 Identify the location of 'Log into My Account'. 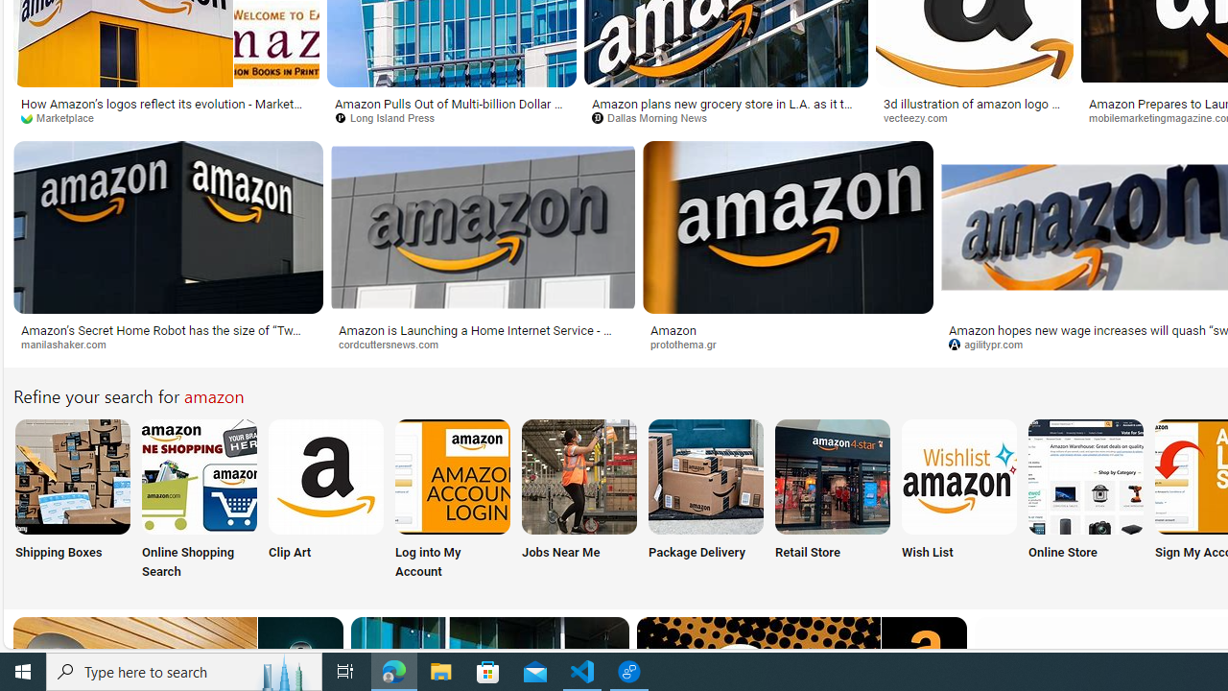
(452, 500).